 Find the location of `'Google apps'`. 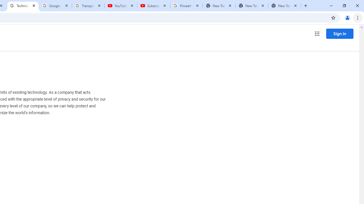

'Google apps' is located at coordinates (317, 34).